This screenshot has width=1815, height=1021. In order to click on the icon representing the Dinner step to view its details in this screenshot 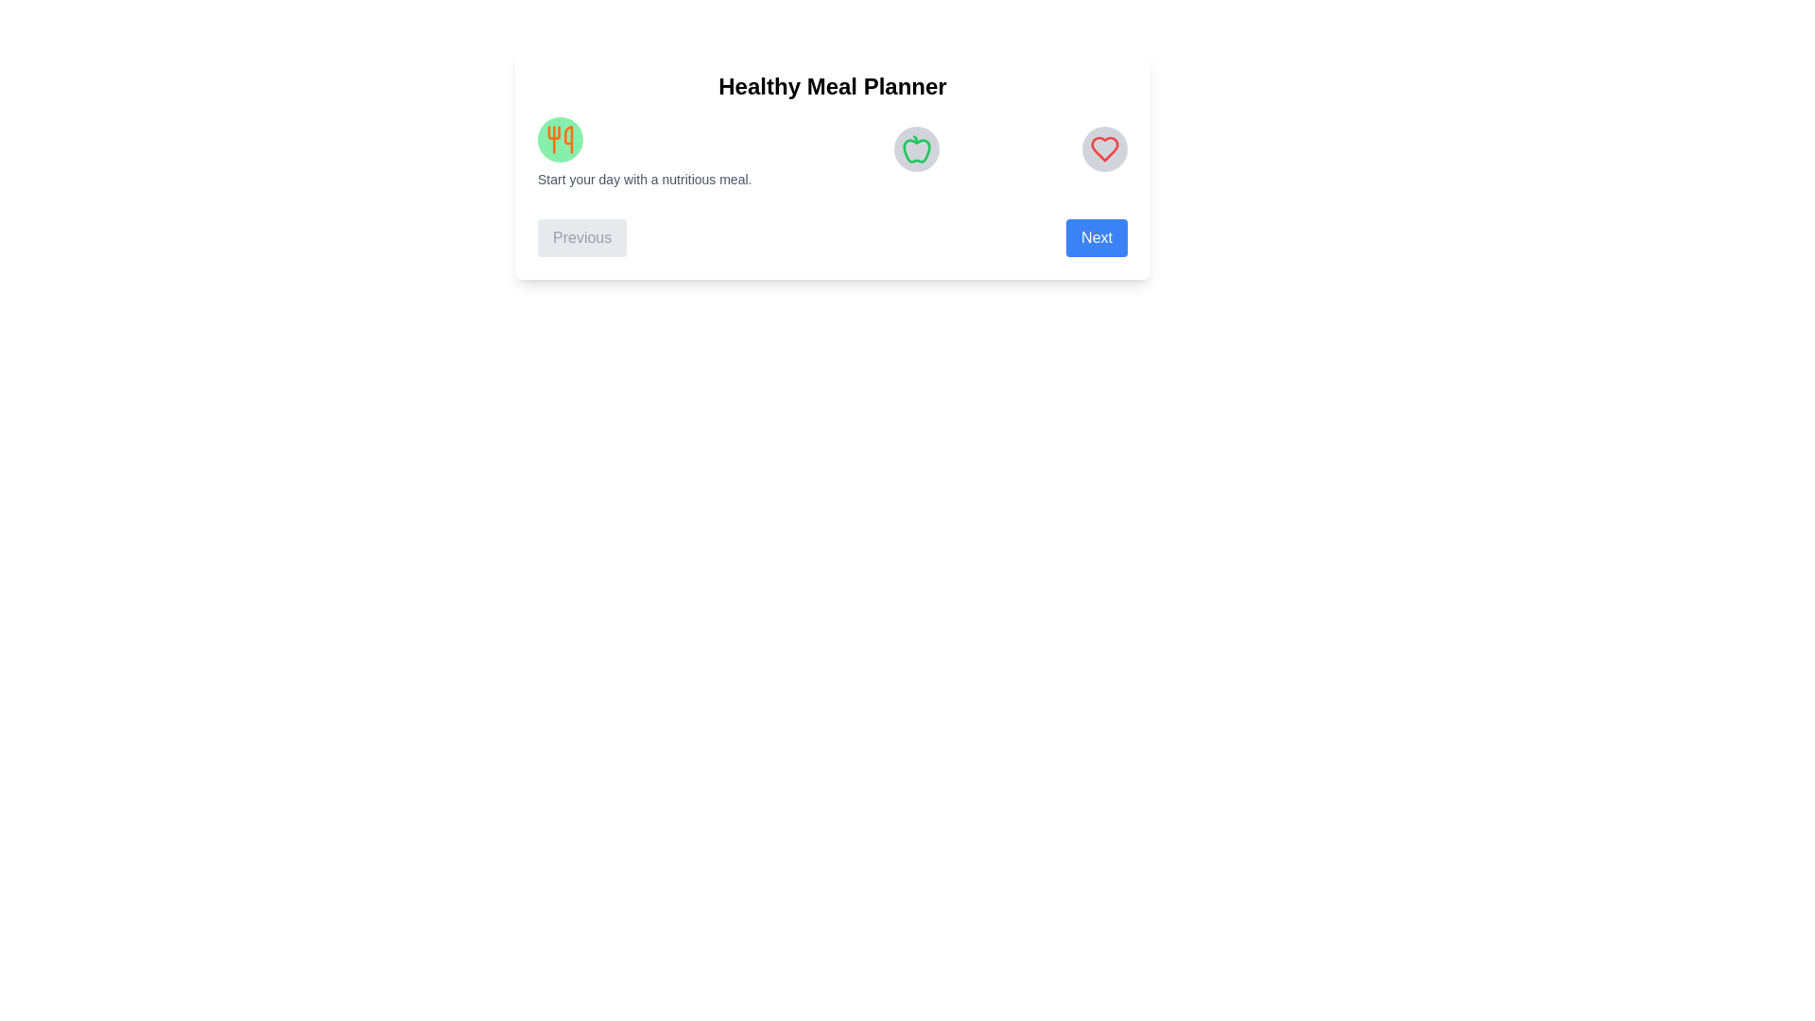, I will do `click(1105, 148)`.